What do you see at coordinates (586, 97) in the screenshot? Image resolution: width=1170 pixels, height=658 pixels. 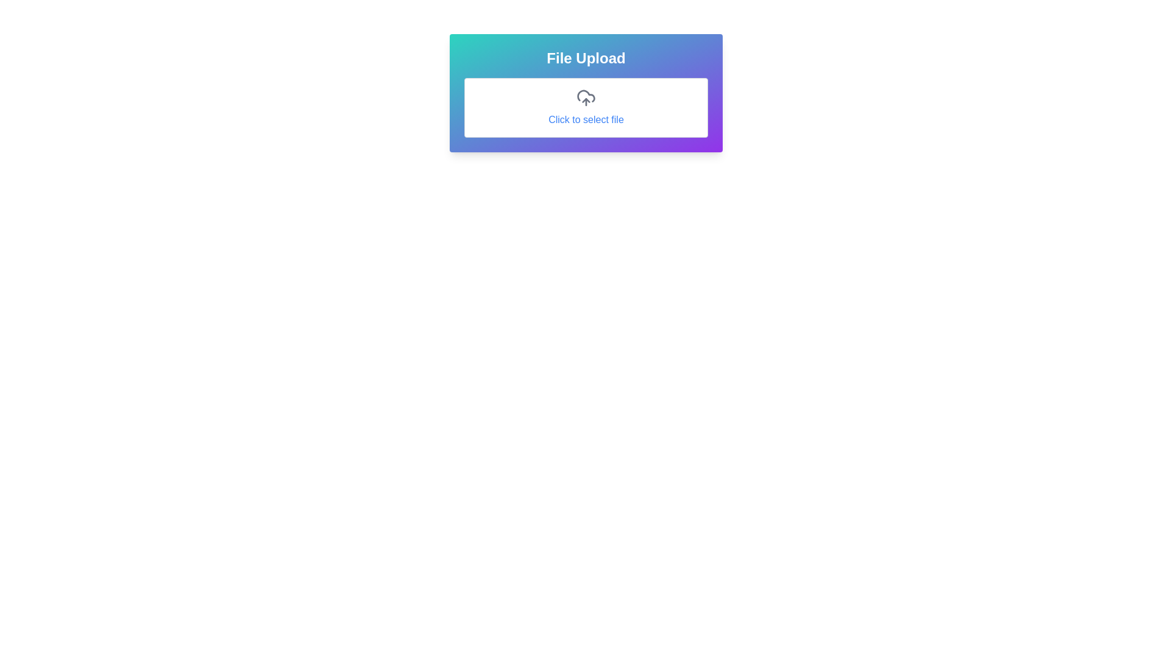 I see `the file upload icon located within the 'File Upload' card, which is centered on the interface and has the text 'Click to select file' below it` at bounding box center [586, 97].